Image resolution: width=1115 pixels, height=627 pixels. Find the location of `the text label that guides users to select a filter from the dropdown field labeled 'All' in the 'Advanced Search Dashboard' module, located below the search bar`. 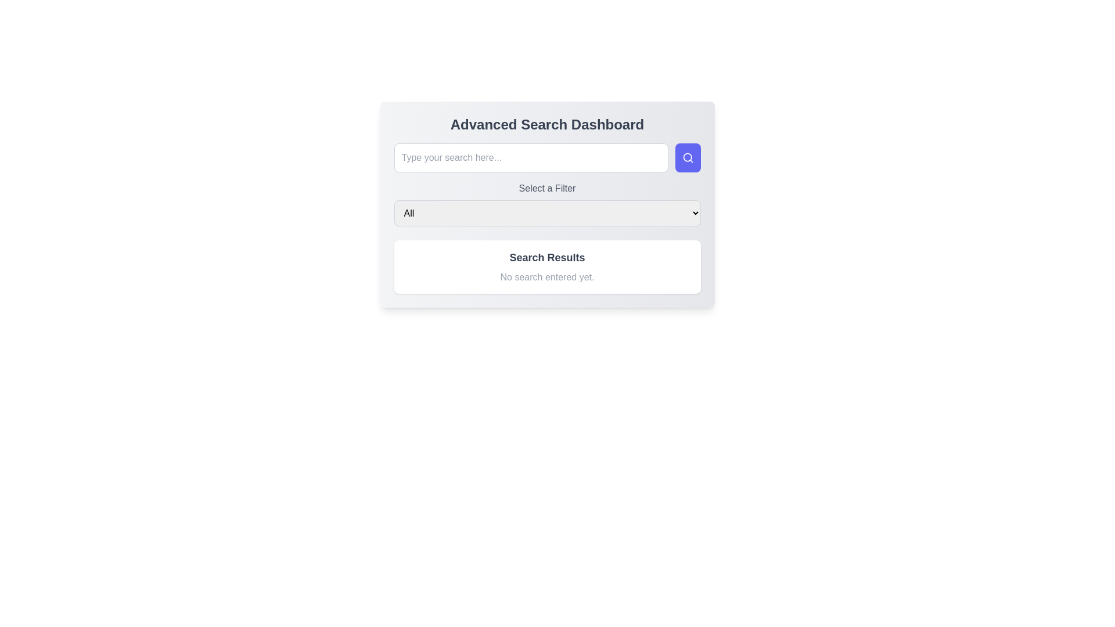

the text label that guides users to select a filter from the dropdown field labeled 'All' in the 'Advanced Search Dashboard' module, located below the search bar is located at coordinates (546, 188).